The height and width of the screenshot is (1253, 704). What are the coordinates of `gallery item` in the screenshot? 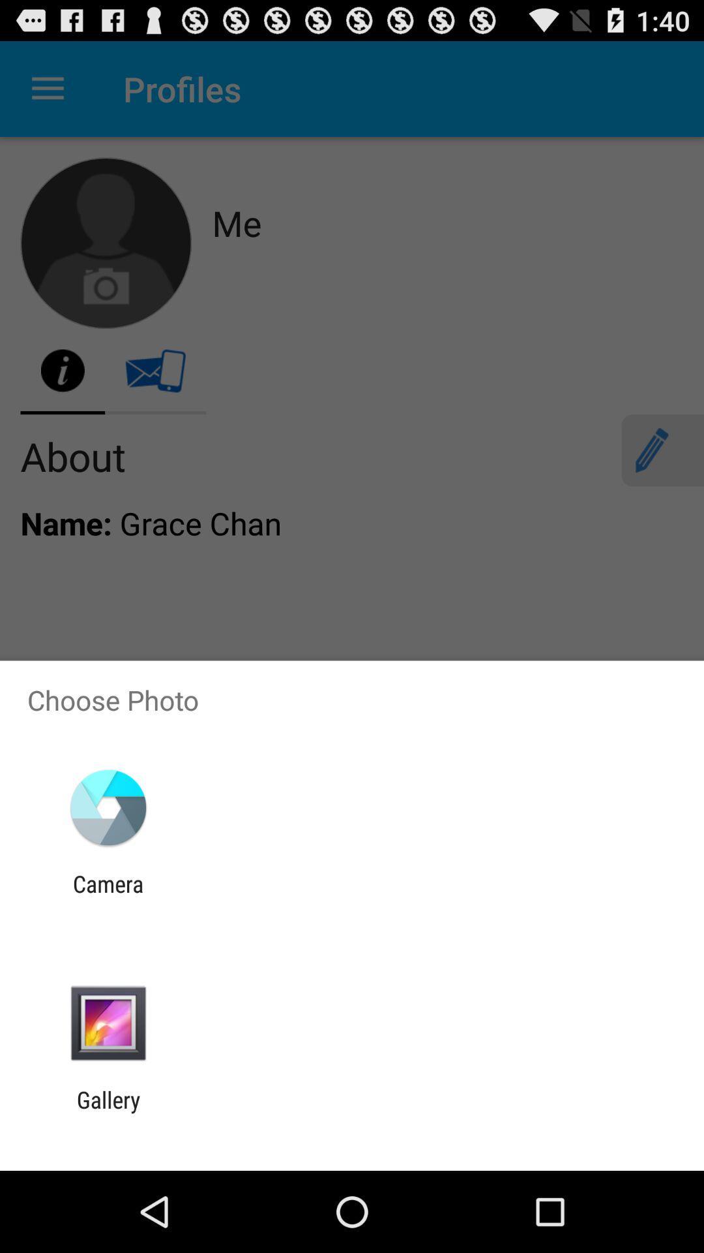 It's located at (108, 1113).